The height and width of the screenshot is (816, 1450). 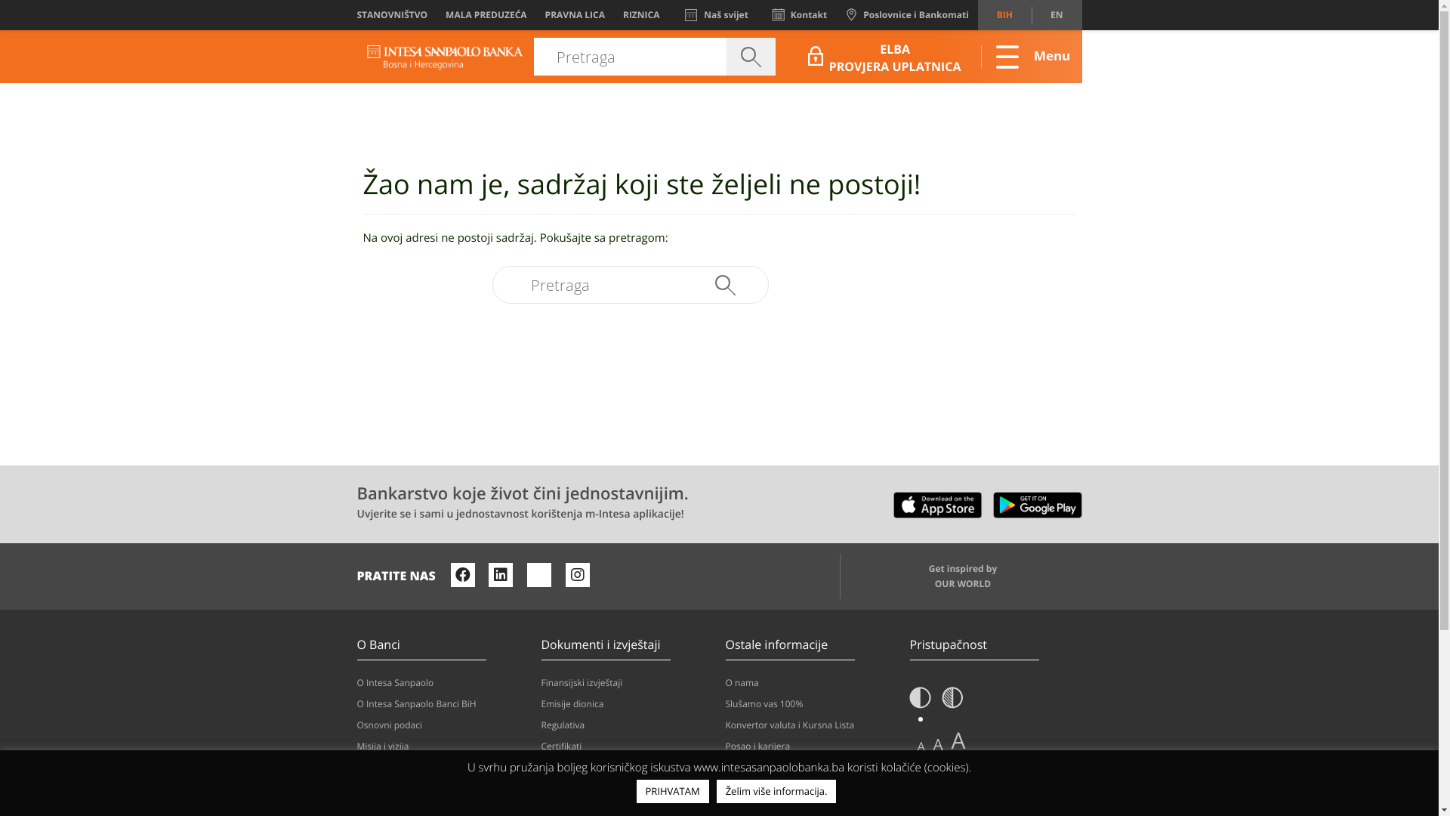 What do you see at coordinates (627, 725) in the screenshot?
I see `'Regulativa'` at bounding box center [627, 725].